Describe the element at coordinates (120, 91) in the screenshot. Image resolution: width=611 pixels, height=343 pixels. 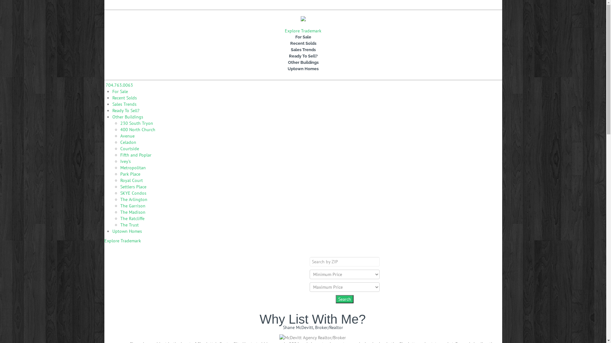
I see `'For Sale'` at that location.